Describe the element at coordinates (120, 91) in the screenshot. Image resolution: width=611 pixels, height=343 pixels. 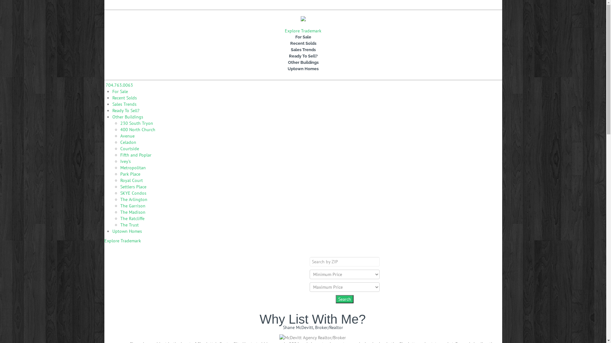
I see `'For Sale'` at that location.